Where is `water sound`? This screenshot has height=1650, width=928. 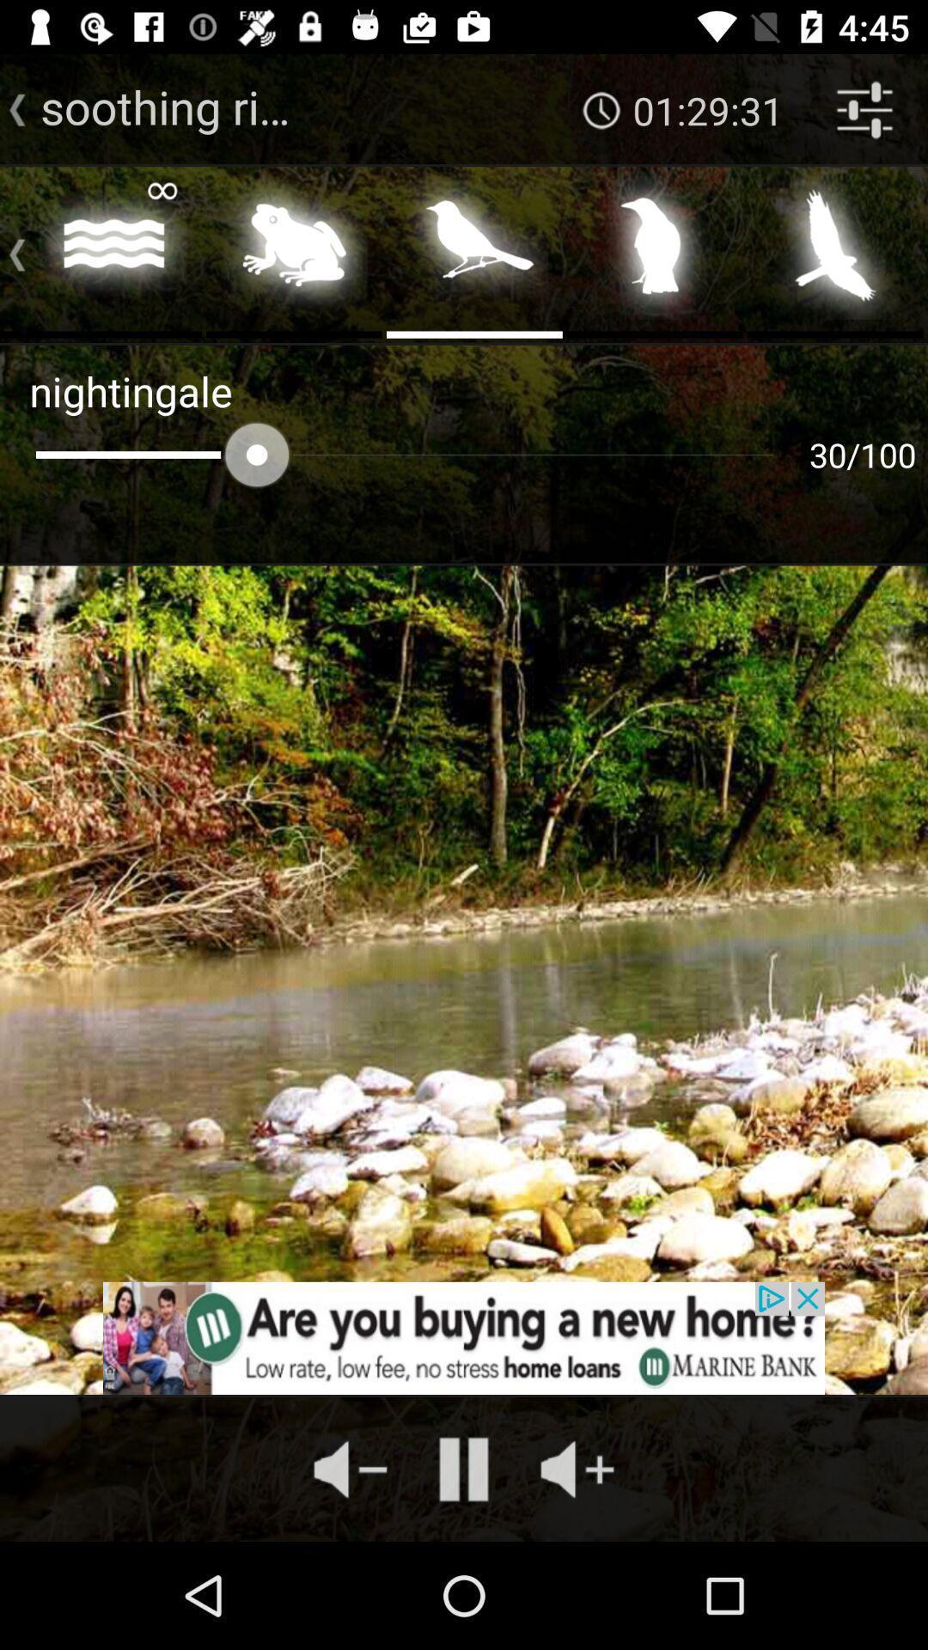
water sound is located at coordinates (113, 250).